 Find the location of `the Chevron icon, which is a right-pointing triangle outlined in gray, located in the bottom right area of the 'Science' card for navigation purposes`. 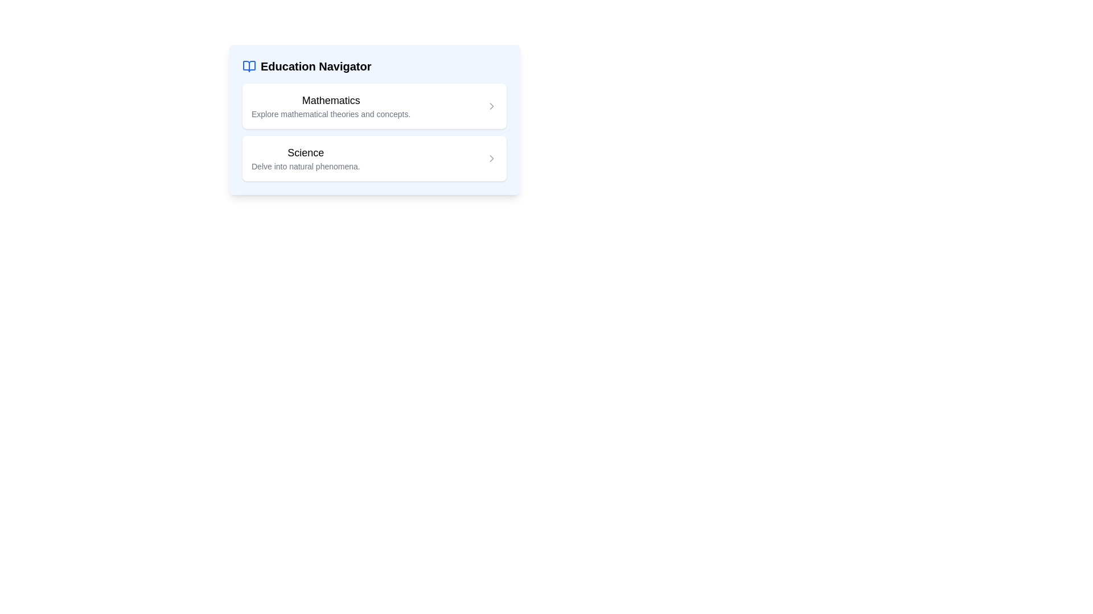

the Chevron icon, which is a right-pointing triangle outlined in gray, located in the bottom right area of the 'Science' card for navigation purposes is located at coordinates (492, 158).